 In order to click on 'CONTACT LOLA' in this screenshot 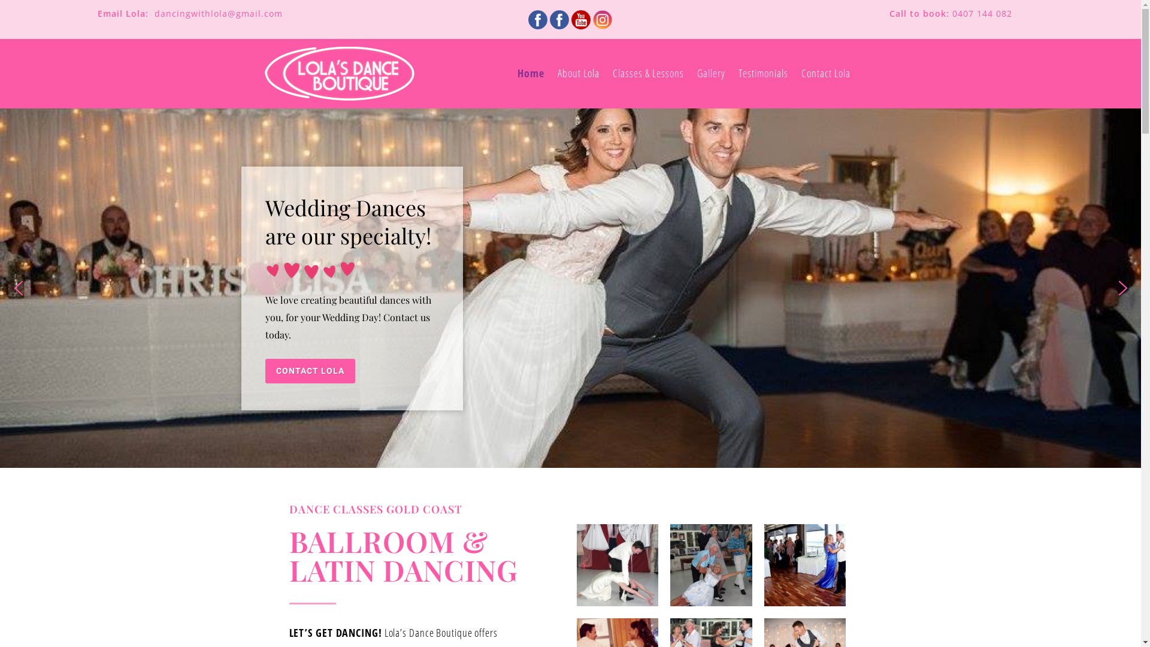, I will do `click(310, 370)`.